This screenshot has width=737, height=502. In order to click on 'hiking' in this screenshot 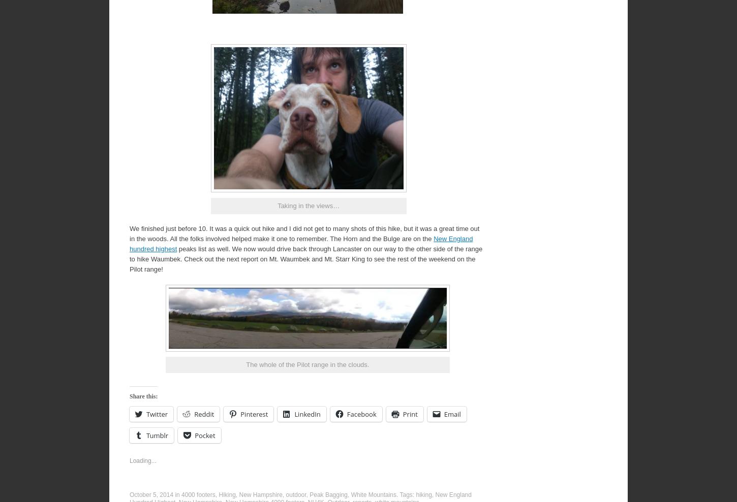, I will do `click(423, 494)`.